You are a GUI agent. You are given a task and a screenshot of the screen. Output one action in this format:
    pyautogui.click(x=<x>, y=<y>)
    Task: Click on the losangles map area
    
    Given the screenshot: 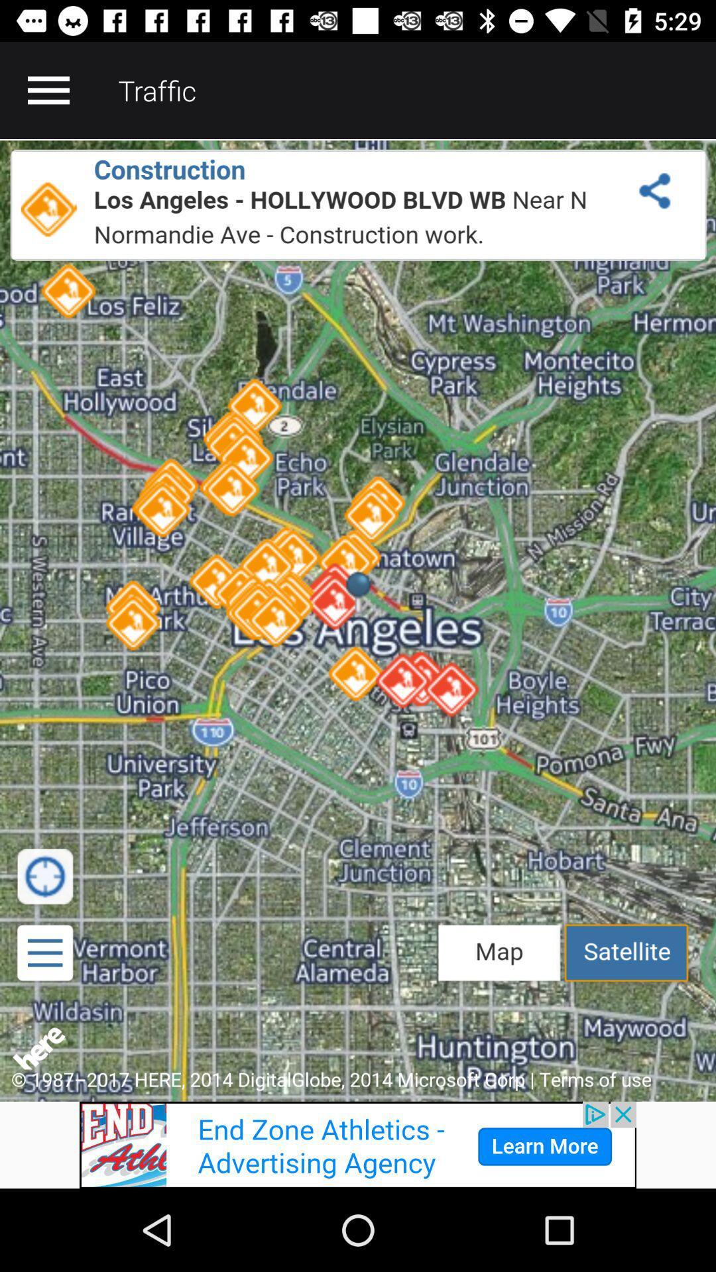 What is the action you would take?
    pyautogui.click(x=358, y=619)
    